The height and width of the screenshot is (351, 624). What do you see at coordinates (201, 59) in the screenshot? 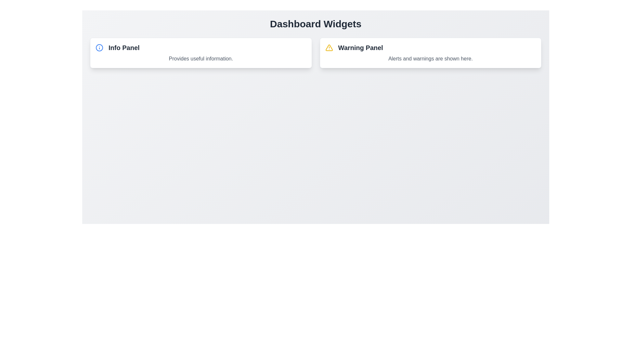
I see `the static text element located at the bottom of the 'Info Panel' card, which provides additional information and is centered horizontally beneath the title` at bounding box center [201, 59].